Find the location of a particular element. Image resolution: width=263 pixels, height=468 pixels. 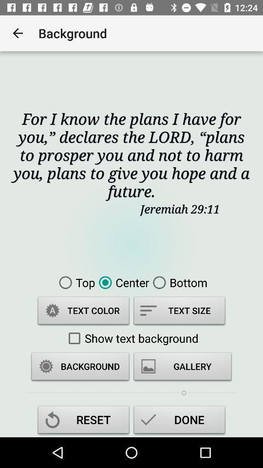

the done item is located at coordinates (179, 421).